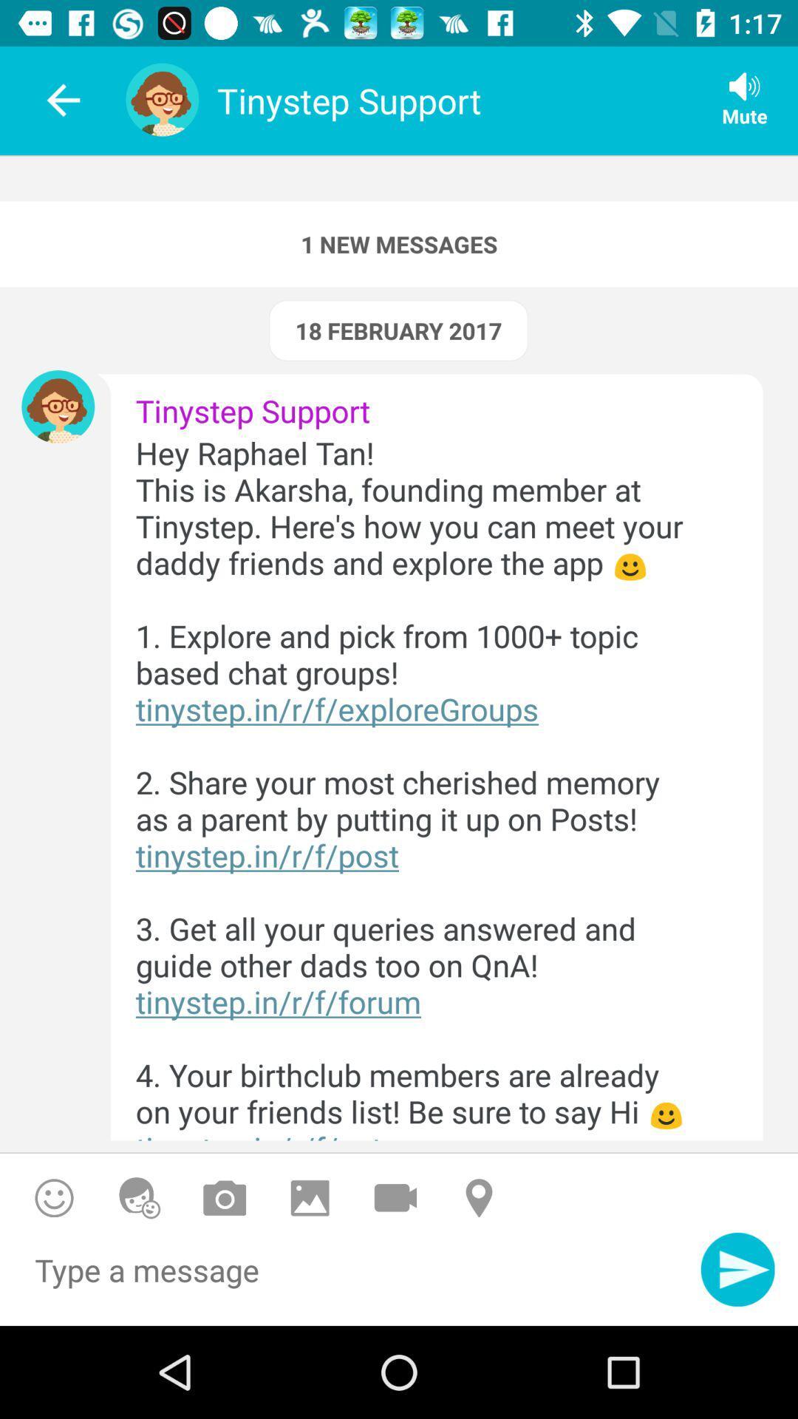 The width and height of the screenshot is (798, 1419). Describe the element at coordinates (424, 785) in the screenshot. I see `the icon below tinystep support item` at that location.